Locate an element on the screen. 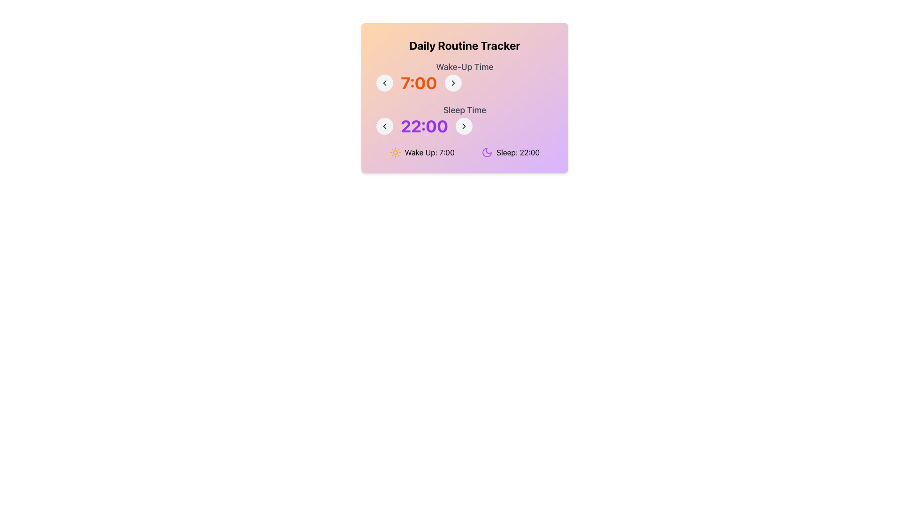  the icon button located in the top portion of the card interface, directly to the left of the text displaying '7:00', to decrease the wake-up time is located at coordinates (385, 83).